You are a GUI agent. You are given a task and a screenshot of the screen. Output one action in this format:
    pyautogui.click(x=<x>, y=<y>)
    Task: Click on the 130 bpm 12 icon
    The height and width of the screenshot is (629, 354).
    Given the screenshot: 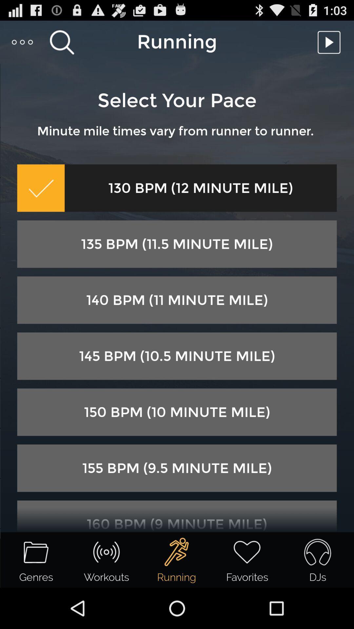 What is the action you would take?
    pyautogui.click(x=200, y=188)
    